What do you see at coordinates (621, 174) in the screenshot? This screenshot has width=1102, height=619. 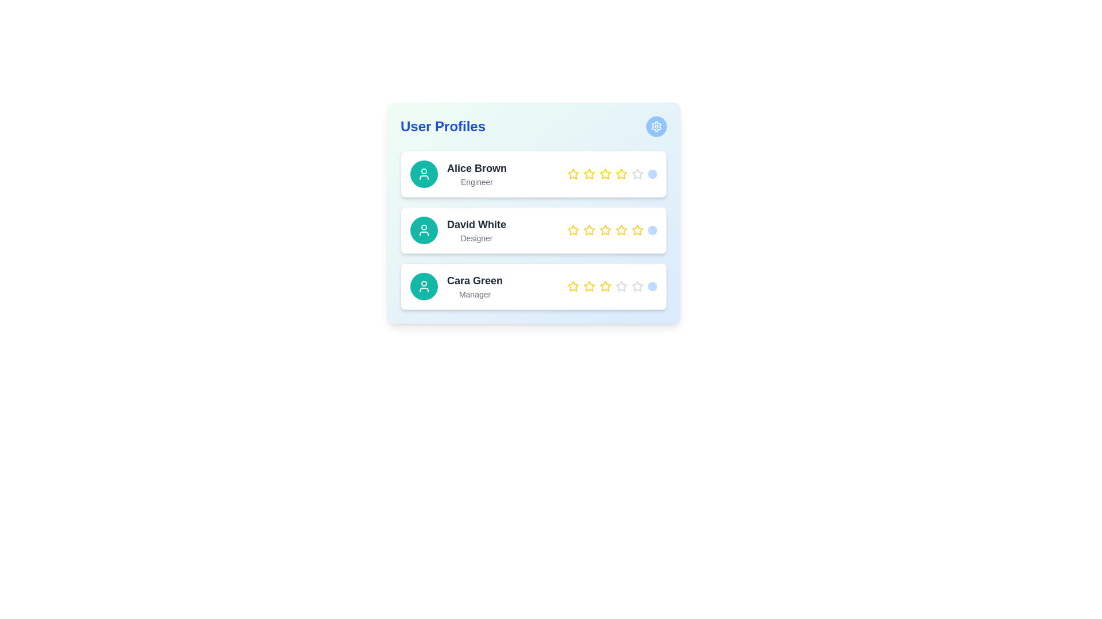 I see `the yellow star icon, which is the fifth star from the left in the rating section of the 'Alice Brown' profile card` at bounding box center [621, 174].